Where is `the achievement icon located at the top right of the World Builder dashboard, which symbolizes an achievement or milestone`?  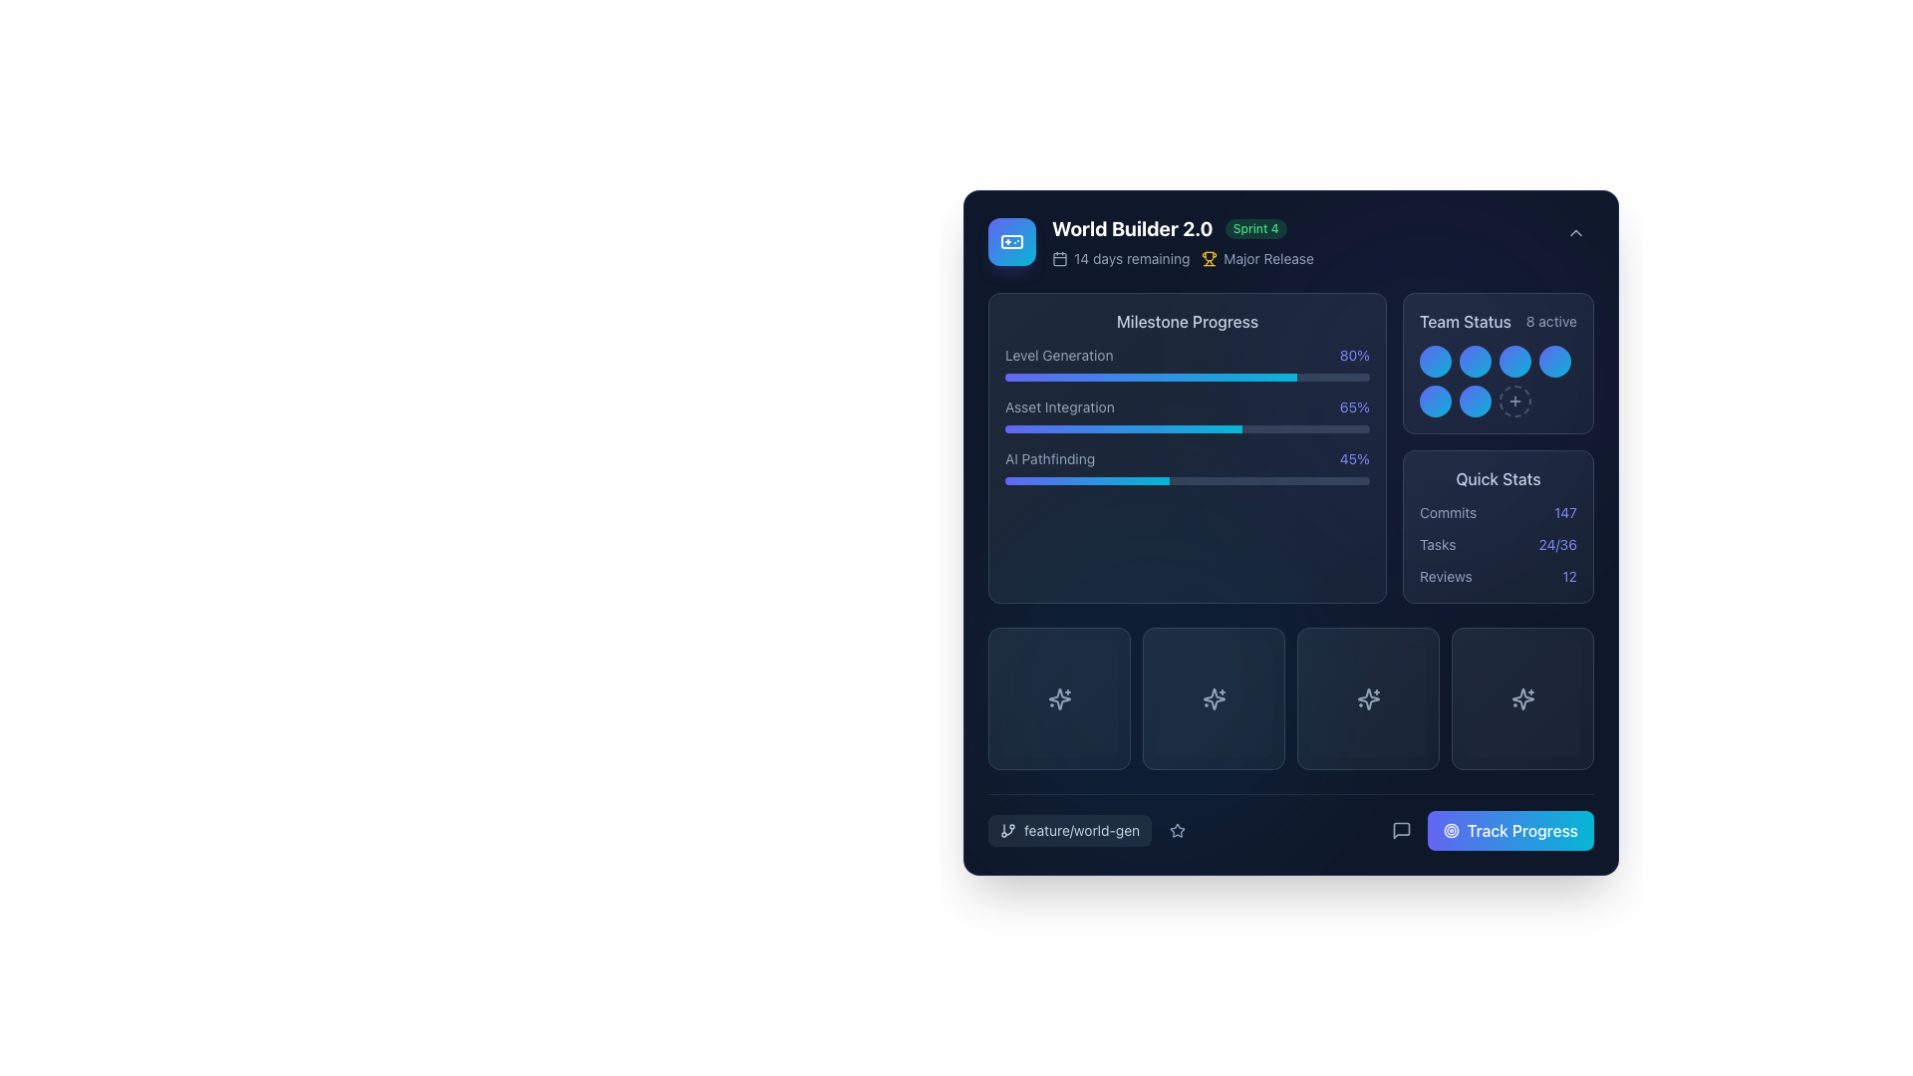 the achievement icon located at the top right of the World Builder dashboard, which symbolizes an achievement or milestone is located at coordinates (1209, 255).